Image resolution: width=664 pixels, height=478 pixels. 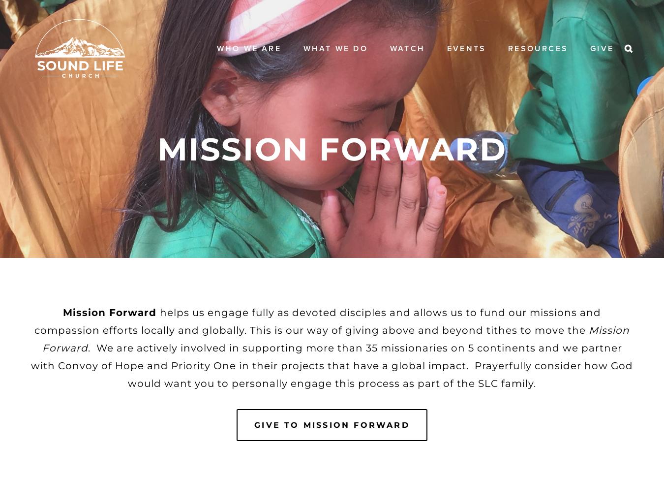 What do you see at coordinates (590, 47) in the screenshot?
I see `'Give'` at bounding box center [590, 47].